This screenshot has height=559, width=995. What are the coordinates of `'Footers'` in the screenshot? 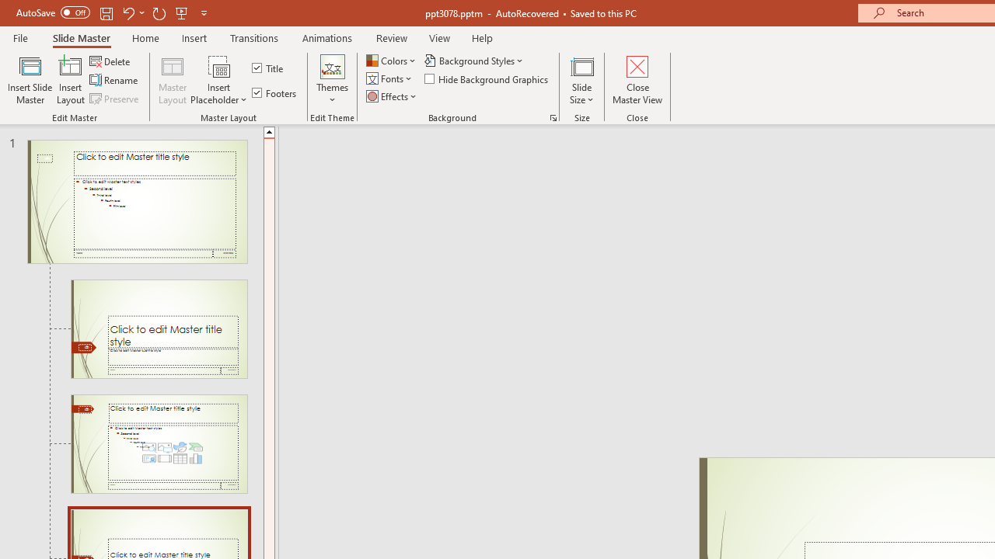 It's located at (275, 92).